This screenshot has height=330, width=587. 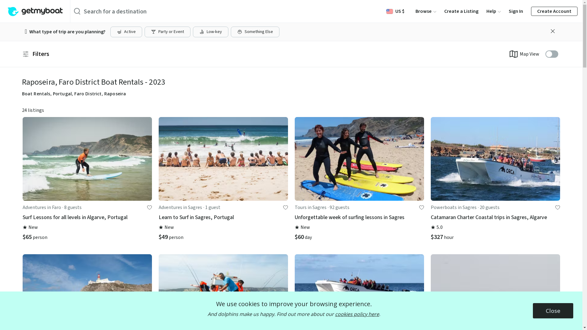 What do you see at coordinates (515, 11) in the screenshot?
I see `'Sign In'` at bounding box center [515, 11].